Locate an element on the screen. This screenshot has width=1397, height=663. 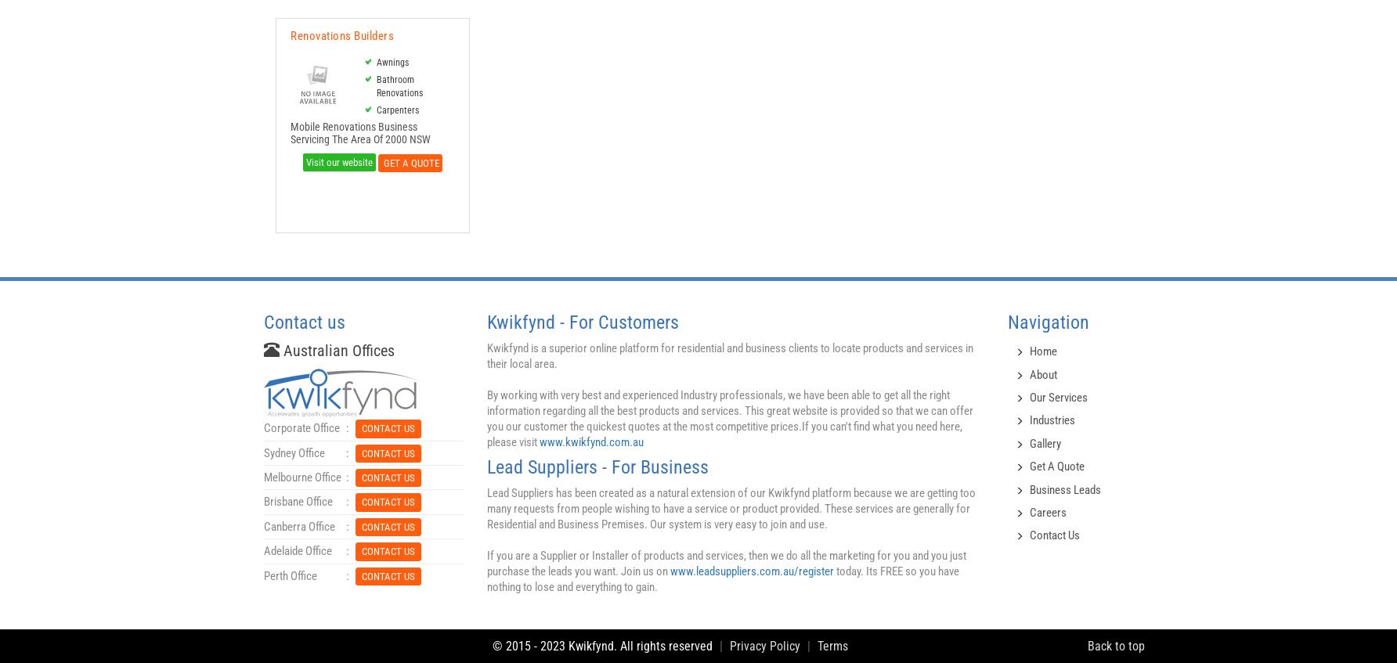
'Sydney Office' is located at coordinates (262, 452).